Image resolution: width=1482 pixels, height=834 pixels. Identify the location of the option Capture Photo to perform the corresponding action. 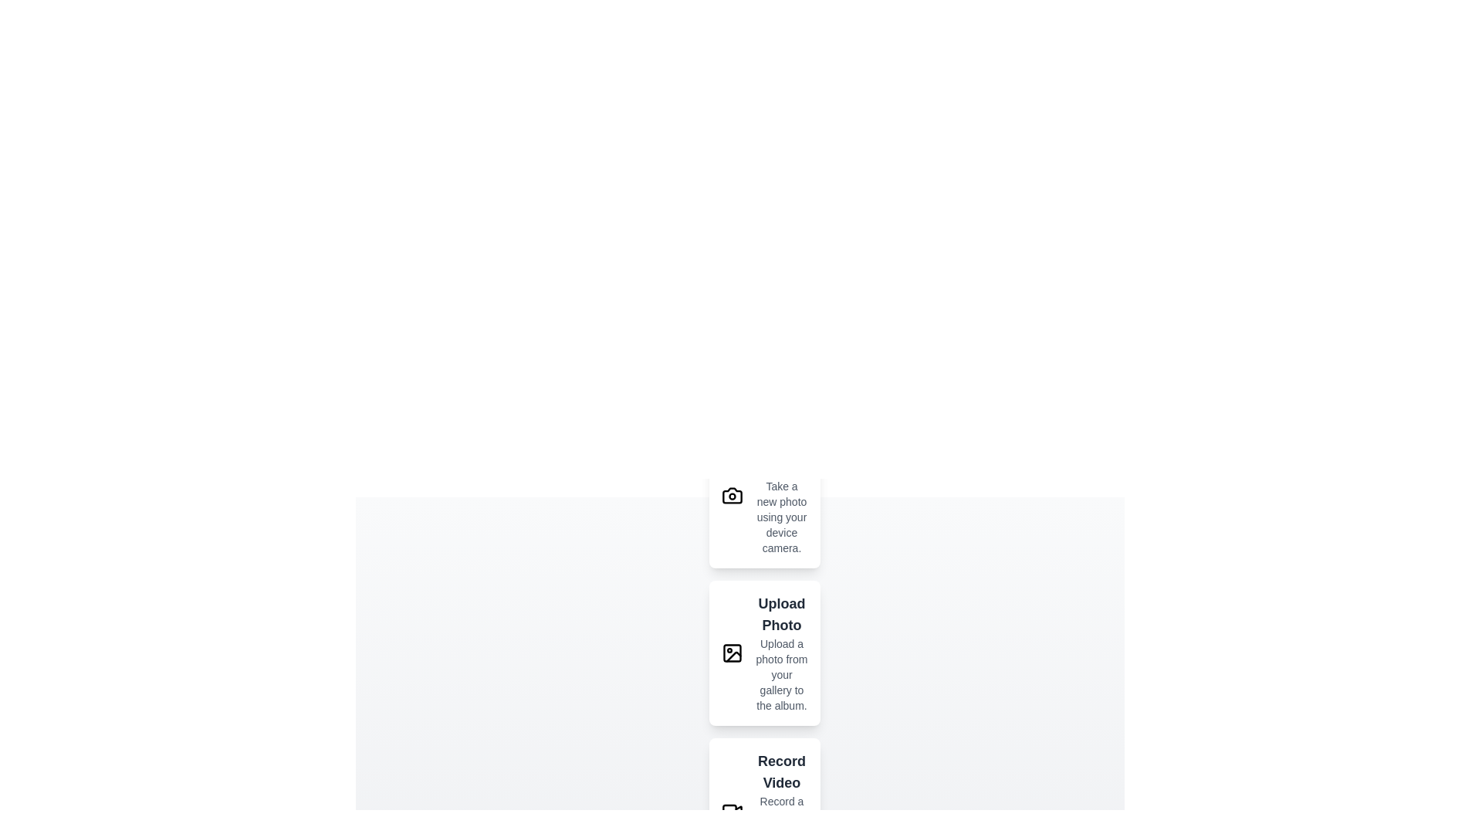
(732, 495).